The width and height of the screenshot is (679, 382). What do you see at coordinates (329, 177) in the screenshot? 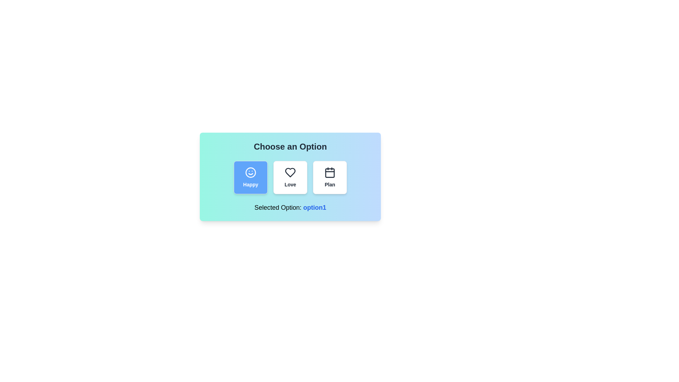
I see `the third button labeled 'Plan' under the heading 'Choose an Option'` at bounding box center [329, 177].